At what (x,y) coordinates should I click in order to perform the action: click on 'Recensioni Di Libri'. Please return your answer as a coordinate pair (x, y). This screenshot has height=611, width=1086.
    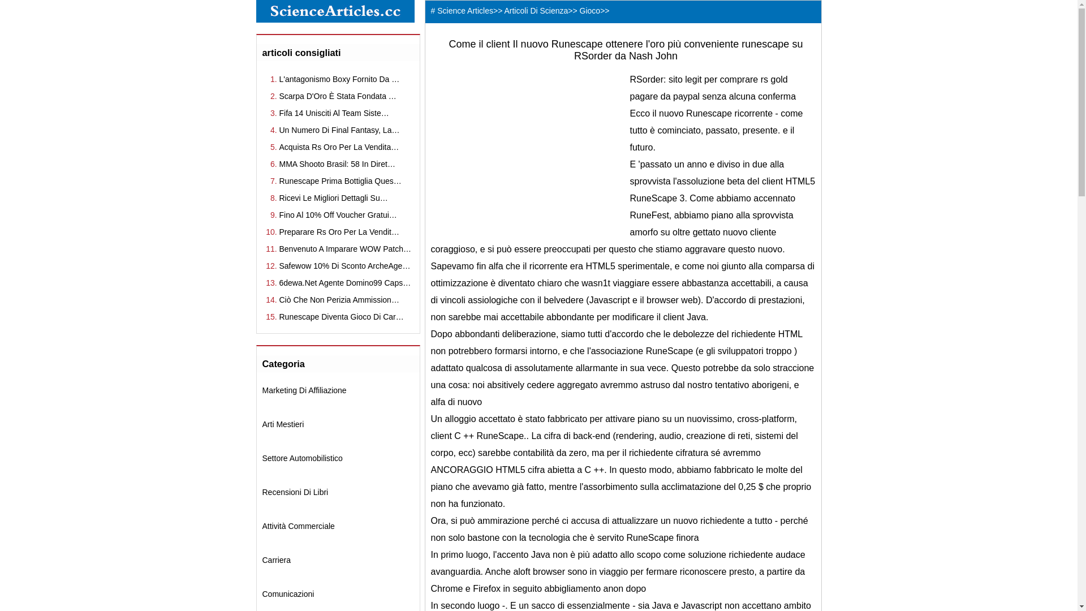
    Looking at the image, I should click on (262, 492).